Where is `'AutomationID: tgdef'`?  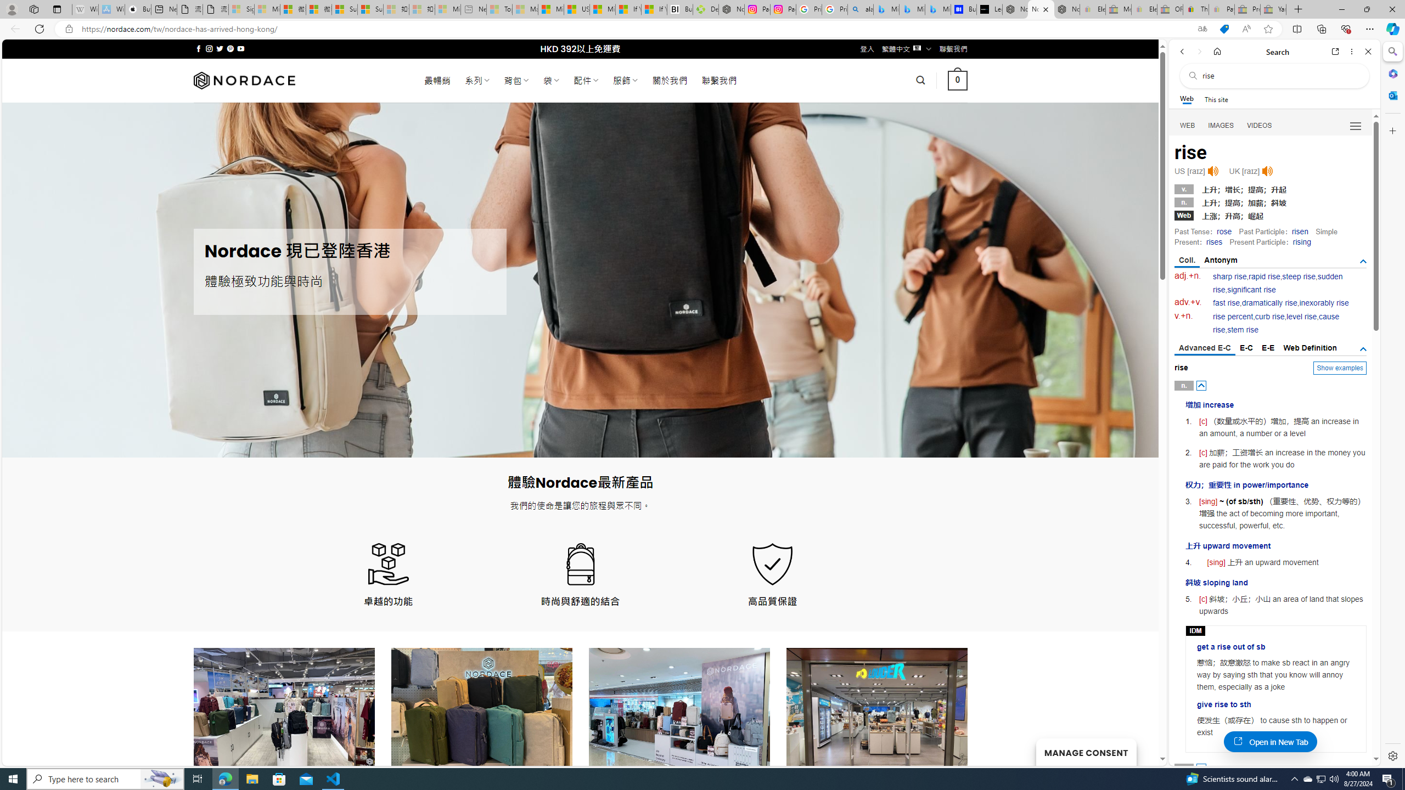 'AutomationID: tgdef' is located at coordinates (1363, 349).